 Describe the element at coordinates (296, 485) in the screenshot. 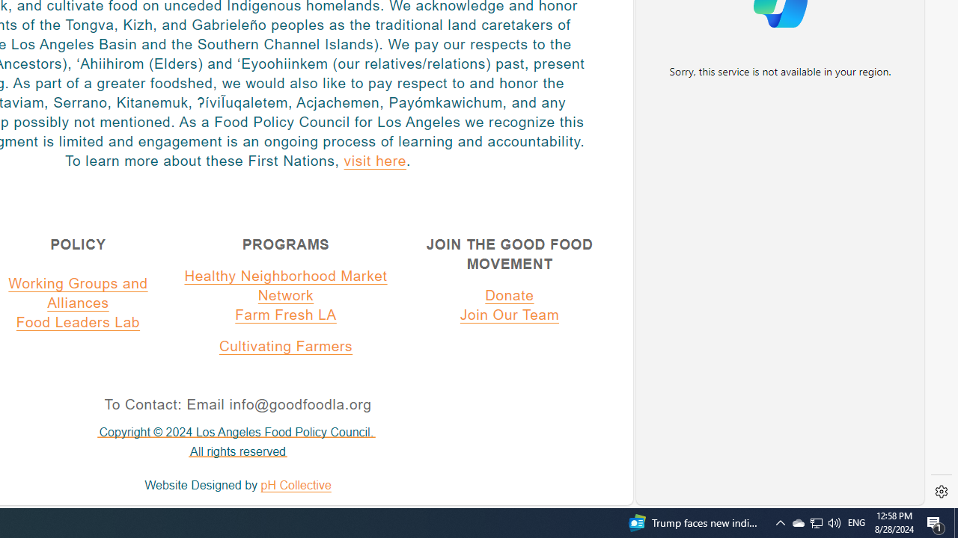

I see `'pH Collective'` at that location.